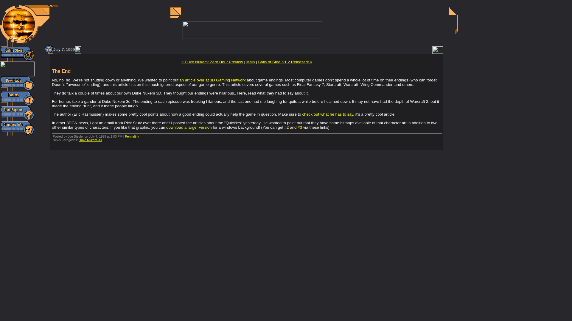  What do you see at coordinates (302, 114) in the screenshot?
I see `'check out what he has to say'` at bounding box center [302, 114].